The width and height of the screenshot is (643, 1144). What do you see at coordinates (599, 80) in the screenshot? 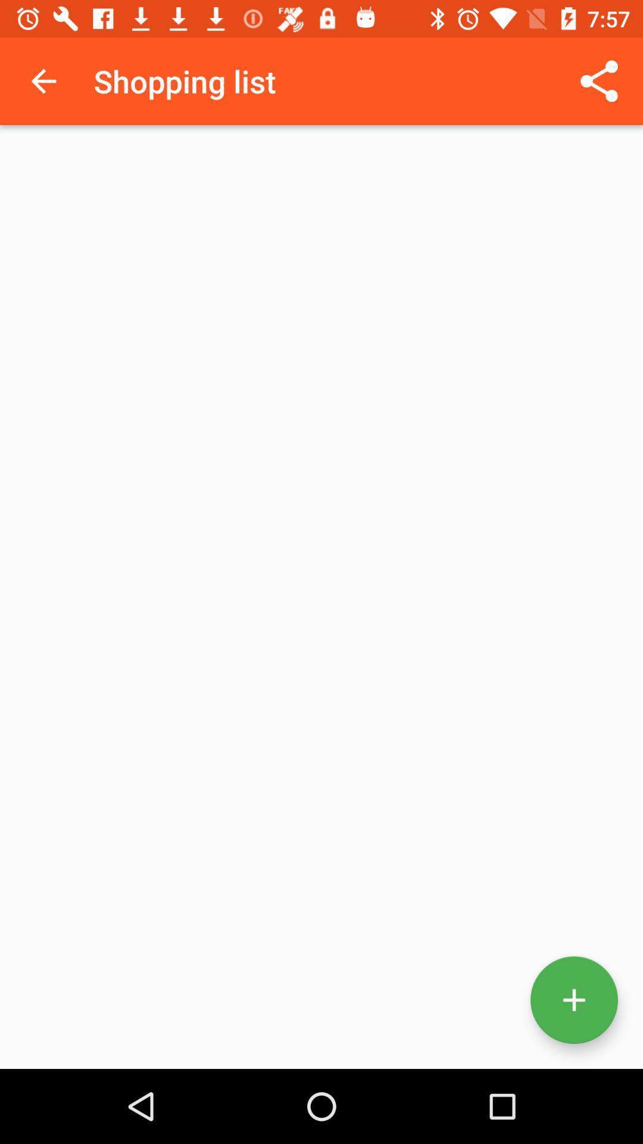
I see `the icon next to shopping list item` at bounding box center [599, 80].